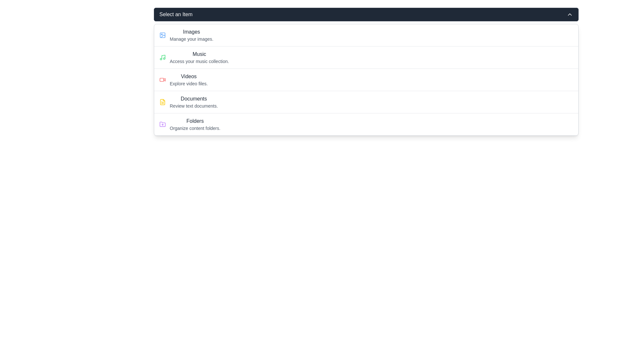 This screenshot has height=349, width=622. I want to click on text of the 'Images' label, which is the first option under the 'Select an Item' menu, so click(191, 32).